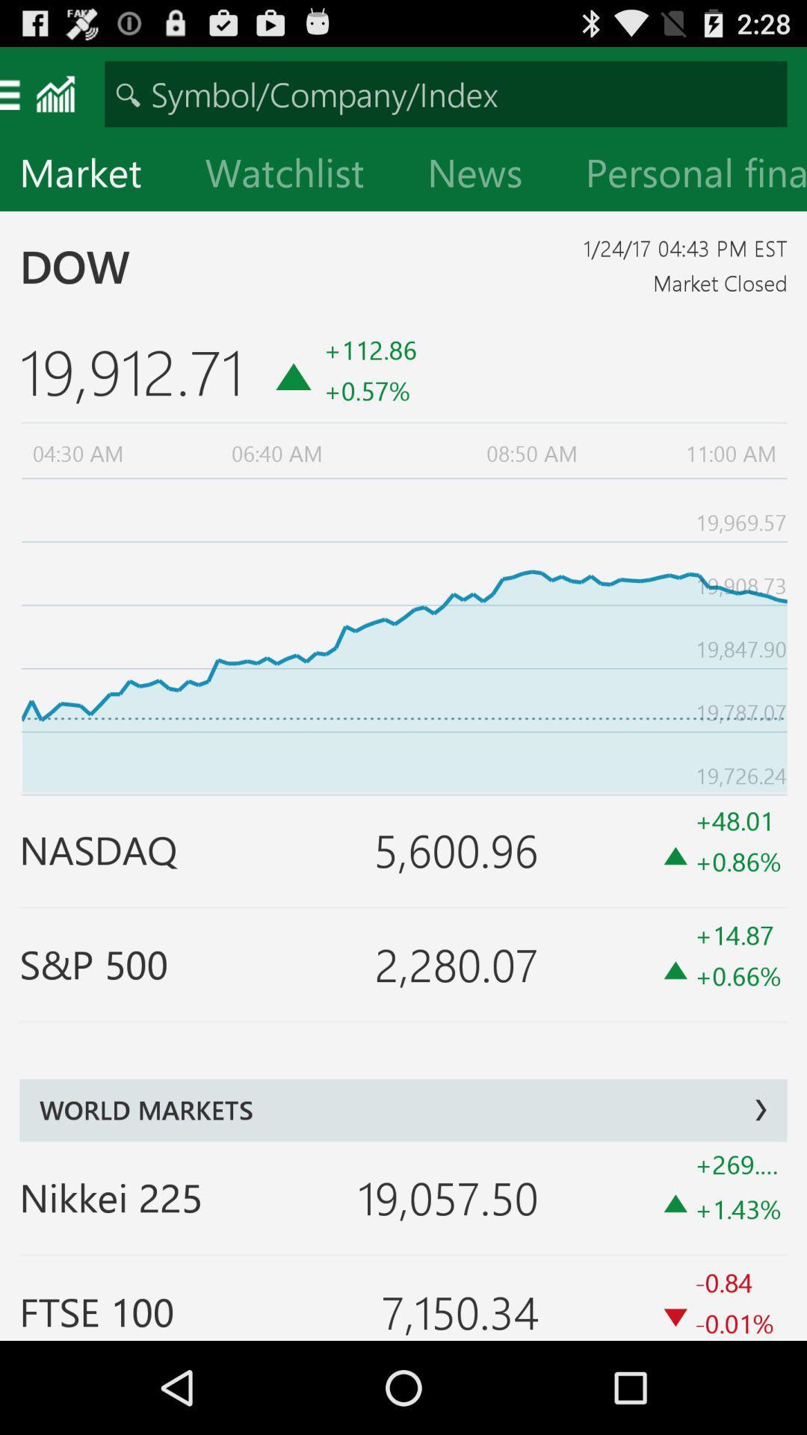 This screenshot has width=807, height=1435. I want to click on item next to the personal finance, so click(486, 176).